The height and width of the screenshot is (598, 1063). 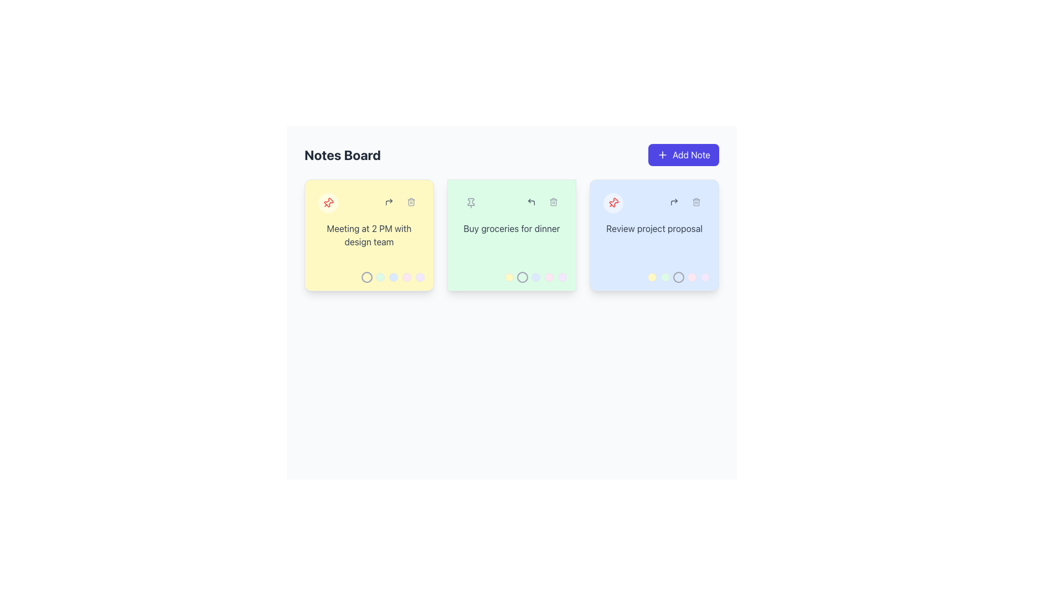 What do you see at coordinates (664, 277) in the screenshot?
I see `the second circle button in the row of five circles at the bottom right corner of the 'Review project proposal' card` at bounding box center [664, 277].